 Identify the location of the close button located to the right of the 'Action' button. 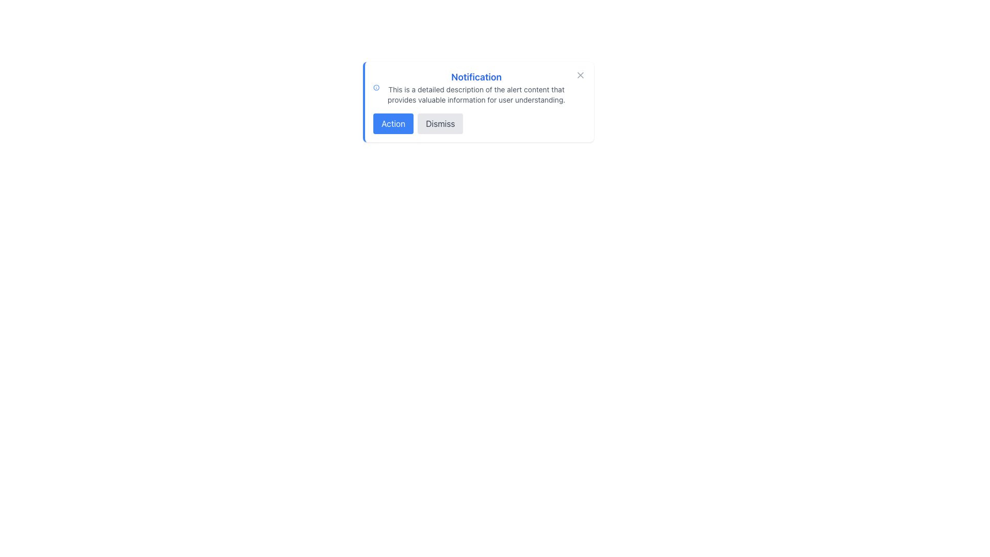
(440, 123).